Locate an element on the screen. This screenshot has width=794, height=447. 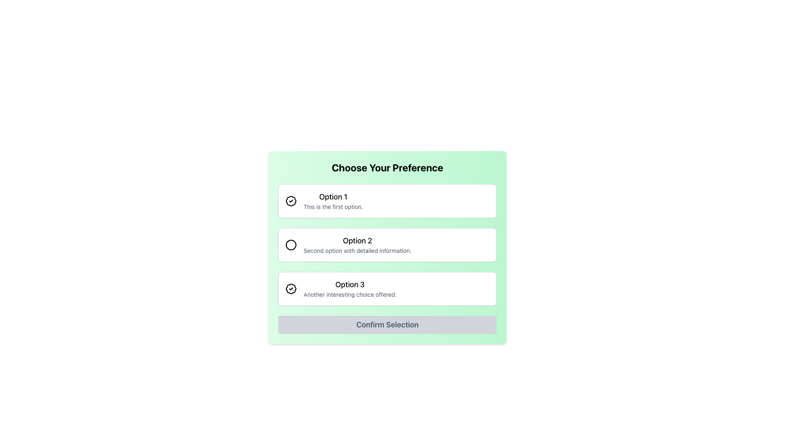
information from the third selectable option in the form or survey, positioned between 'Option 2' and the 'Confirm Selection' button is located at coordinates (350, 288).